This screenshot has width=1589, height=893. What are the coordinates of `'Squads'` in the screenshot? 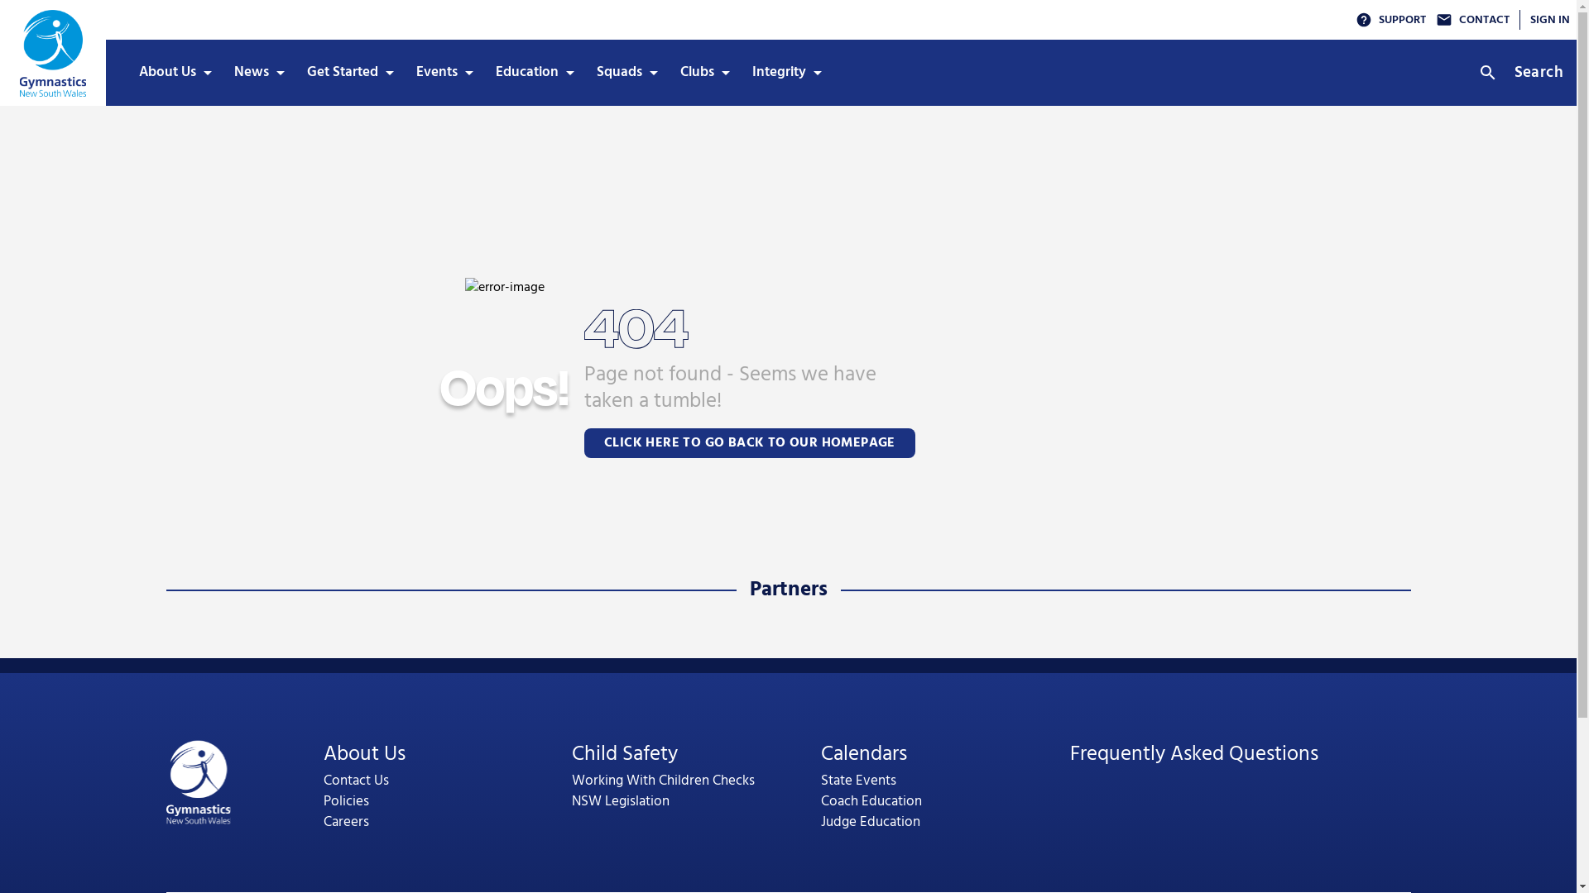 It's located at (583, 72).